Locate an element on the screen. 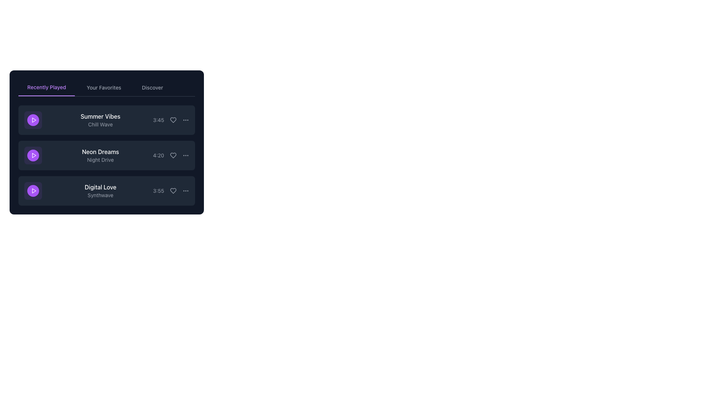 The height and width of the screenshot is (398, 708). the static text label that displays the duration of the music track 'Neon Dreams', which is located to the right of the track title in the second row of the music playlist is located at coordinates (158, 155).